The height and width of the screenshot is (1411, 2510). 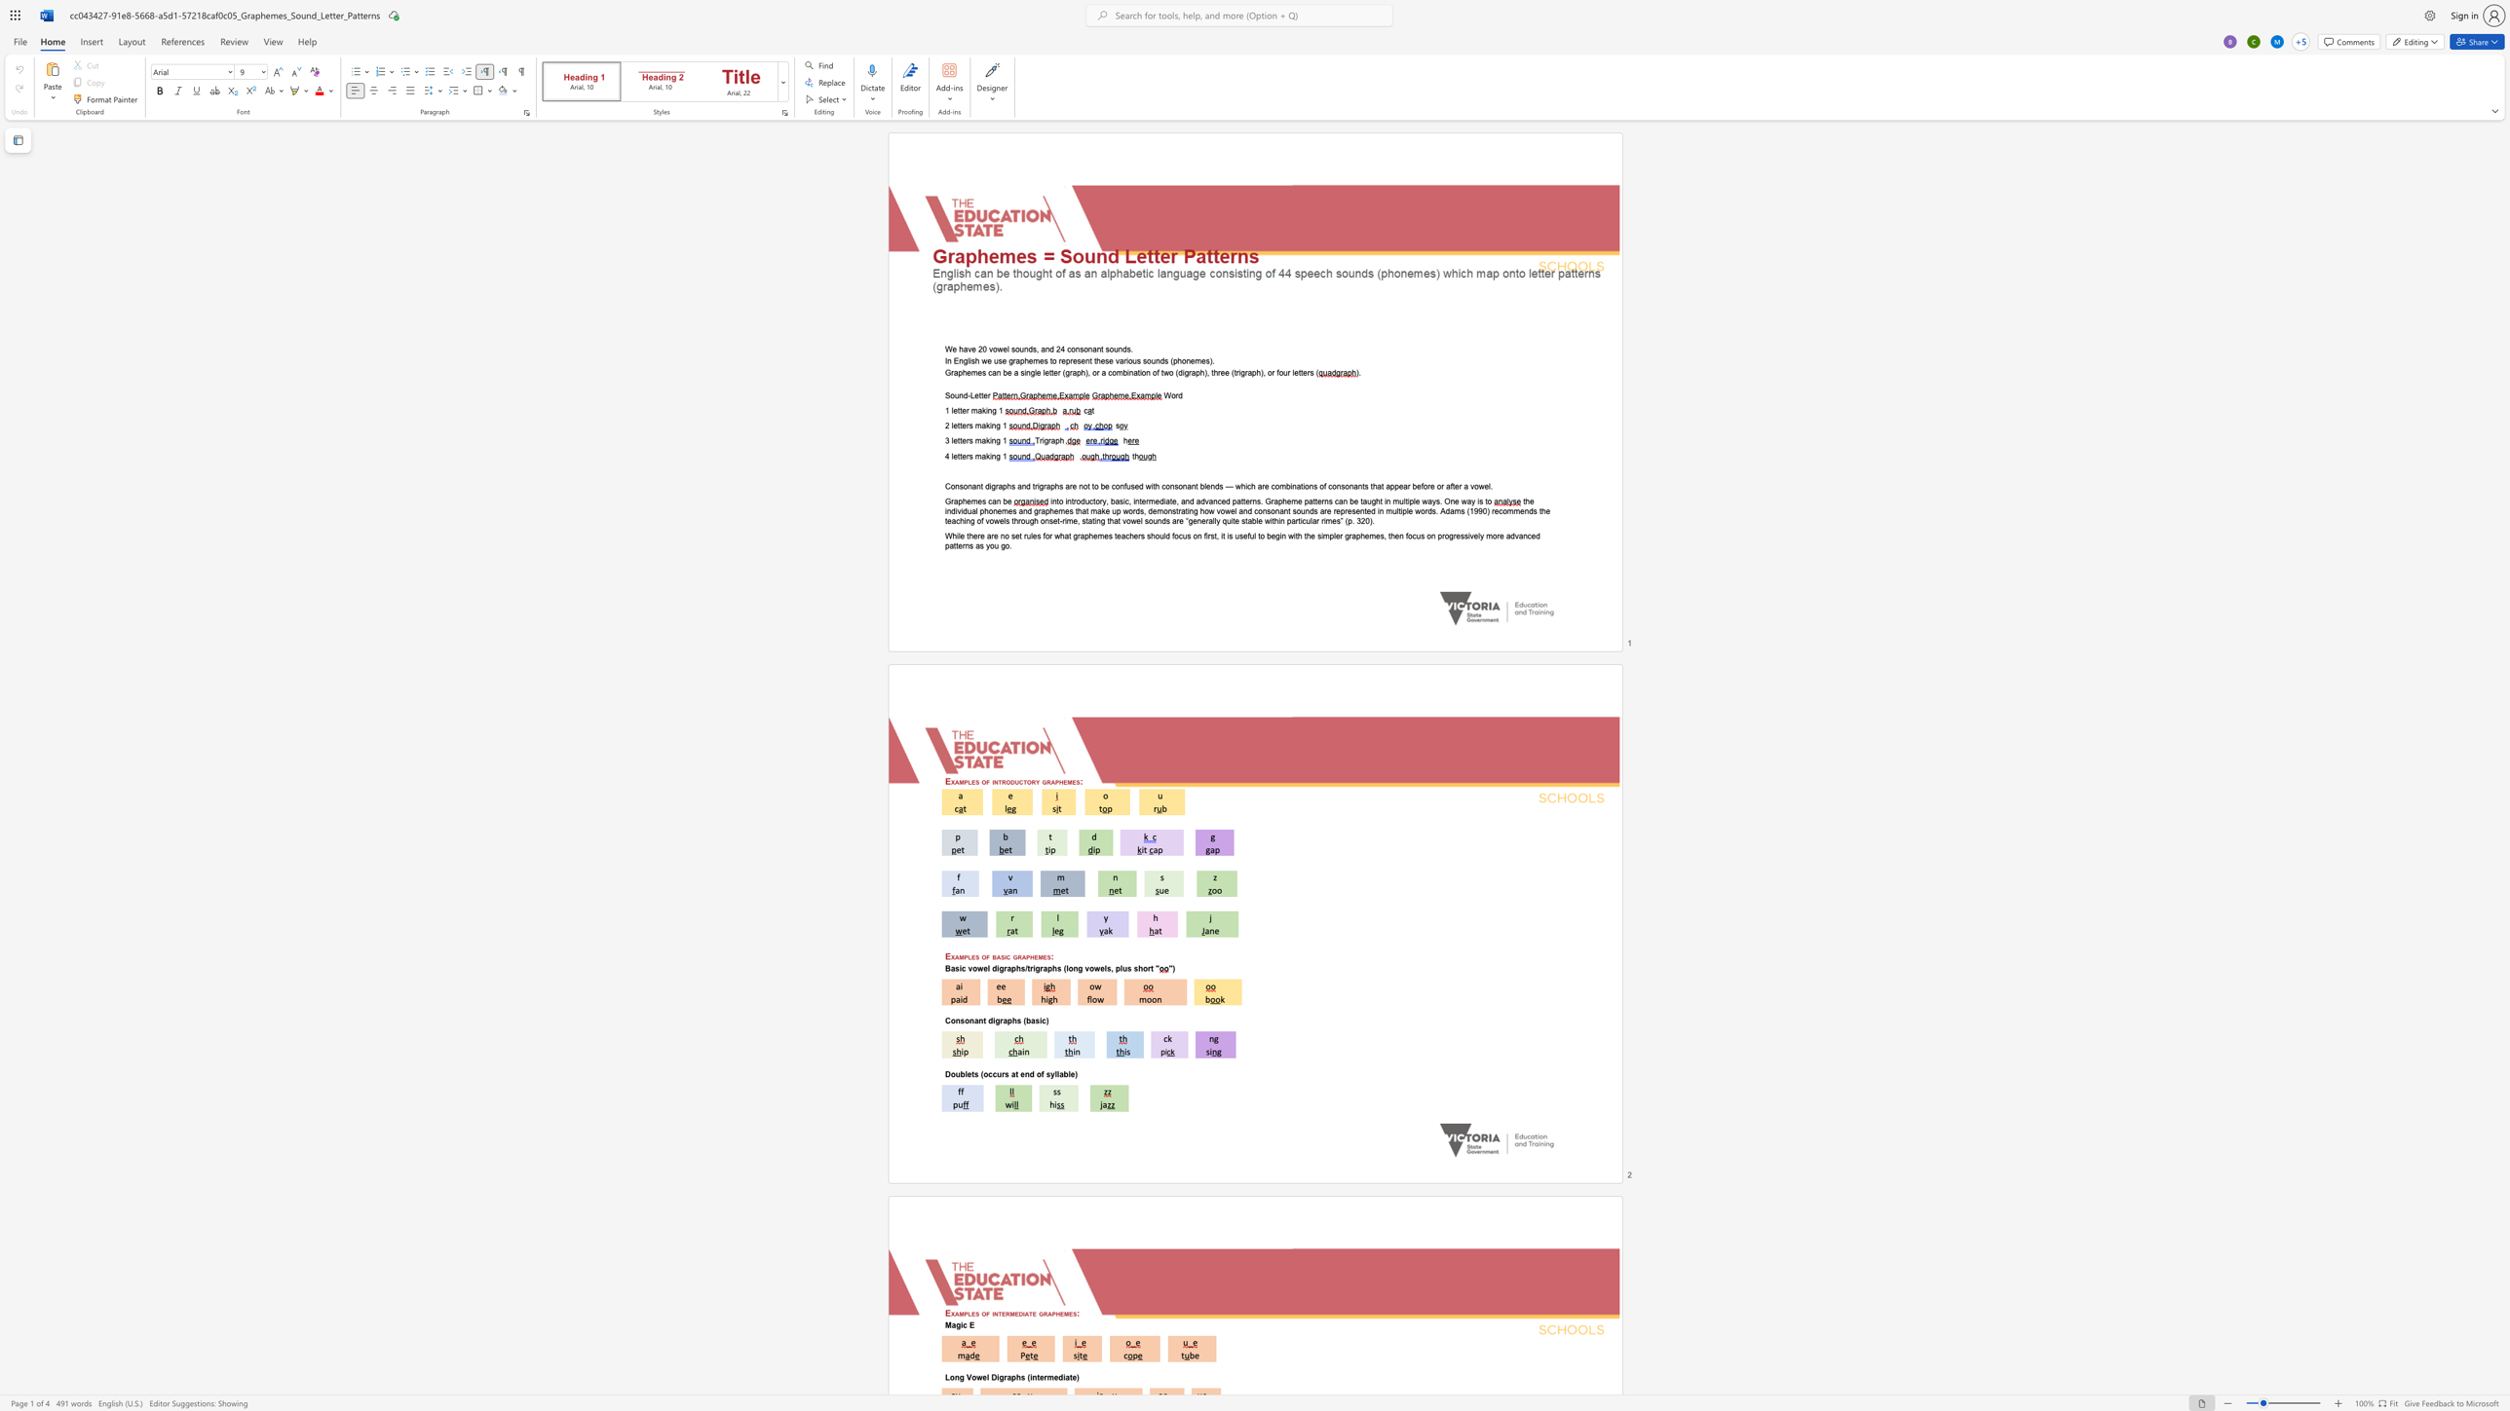 What do you see at coordinates (1161, 359) in the screenshot?
I see `the 1th character "d" in the text` at bounding box center [1161, 359].